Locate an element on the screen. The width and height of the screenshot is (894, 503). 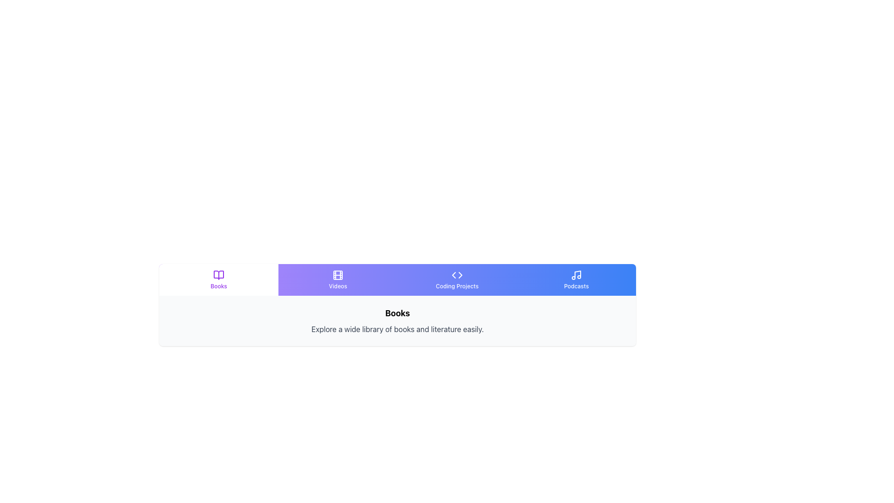
the SVG Rectangle that represents the 'Videos' icon, which enhances the depiction of a film strip and is located in the navigation bar is located at coordinates (337, 274).